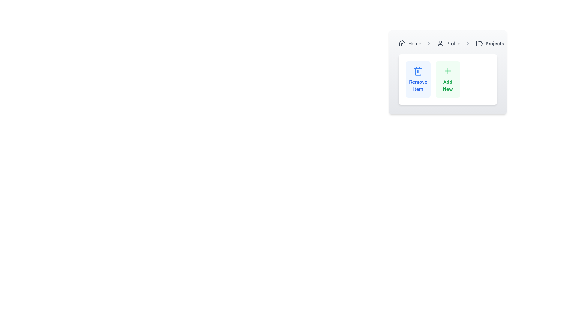  Describe the element at coordinates (479, 43) in the screenshot. I see `the folder icon in the navigation menu located at the top-right corner, preceding the text 'Projects'` at that location.